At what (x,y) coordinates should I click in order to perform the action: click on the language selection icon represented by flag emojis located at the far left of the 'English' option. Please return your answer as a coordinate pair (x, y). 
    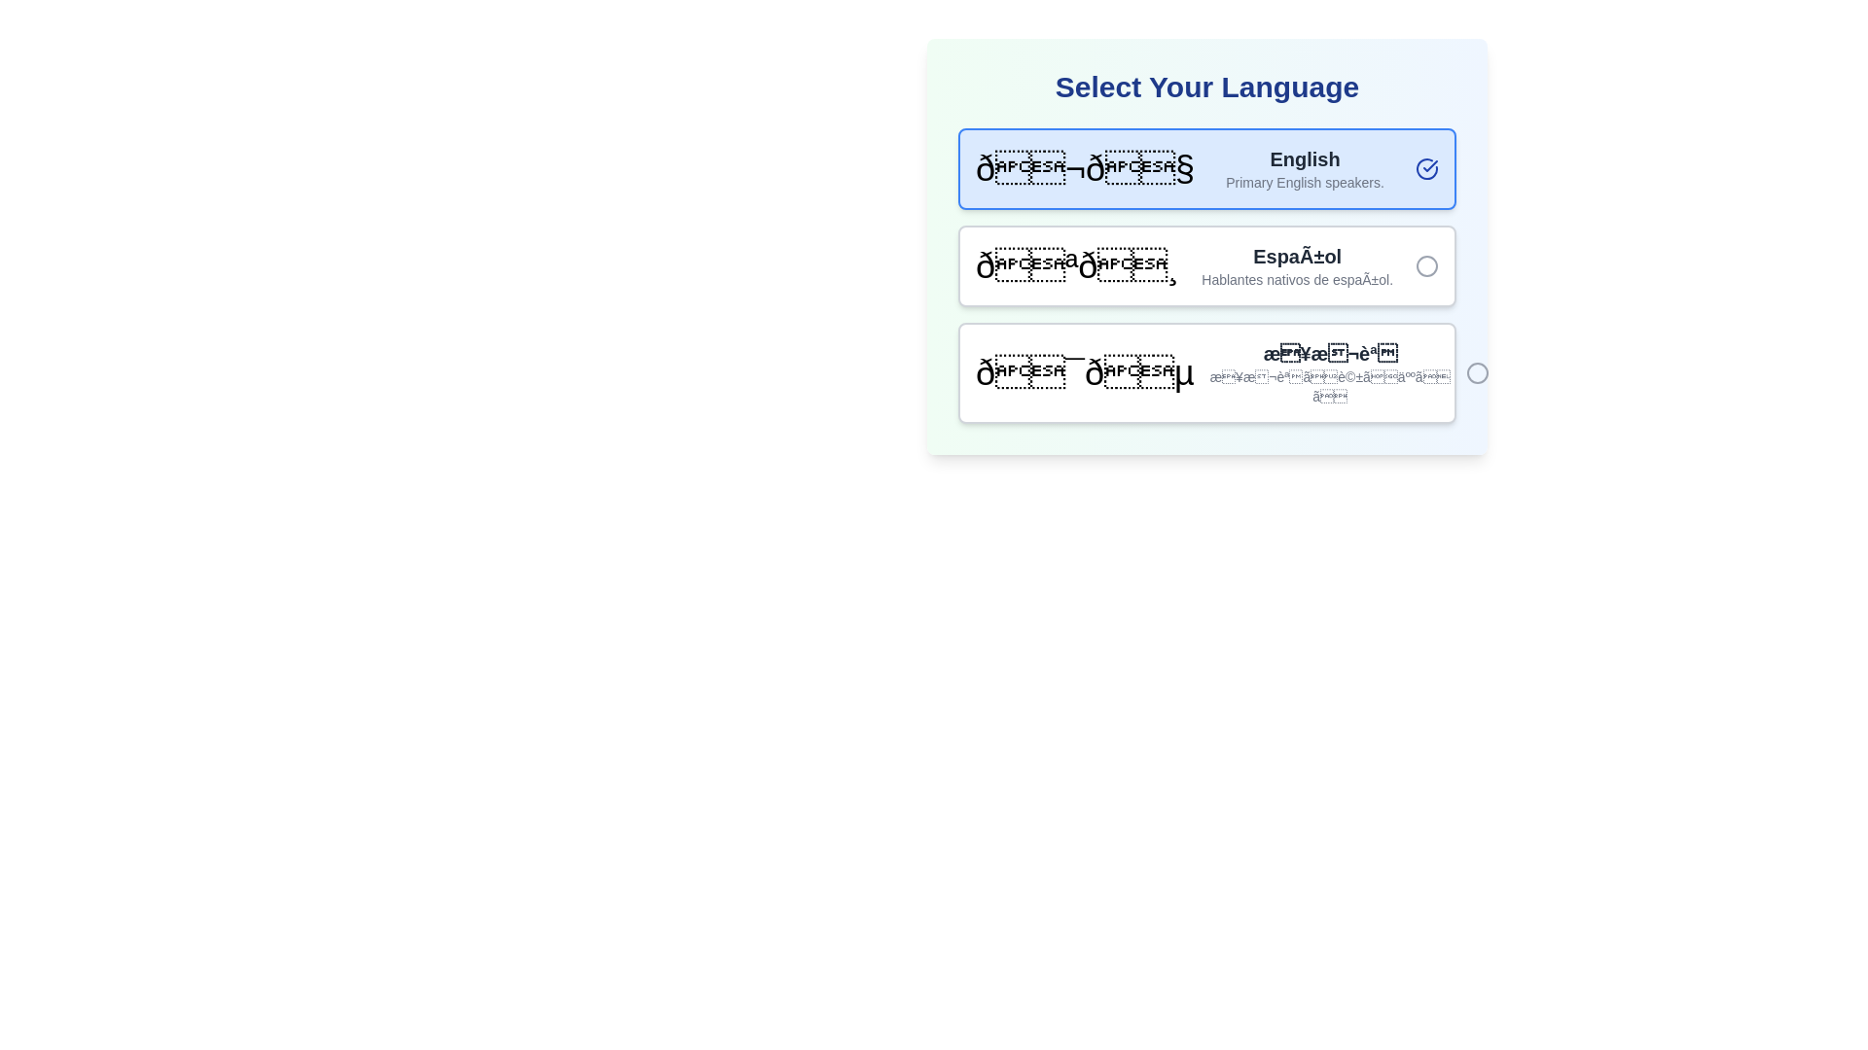
    Looking at the image, I should click on (1084, 167).